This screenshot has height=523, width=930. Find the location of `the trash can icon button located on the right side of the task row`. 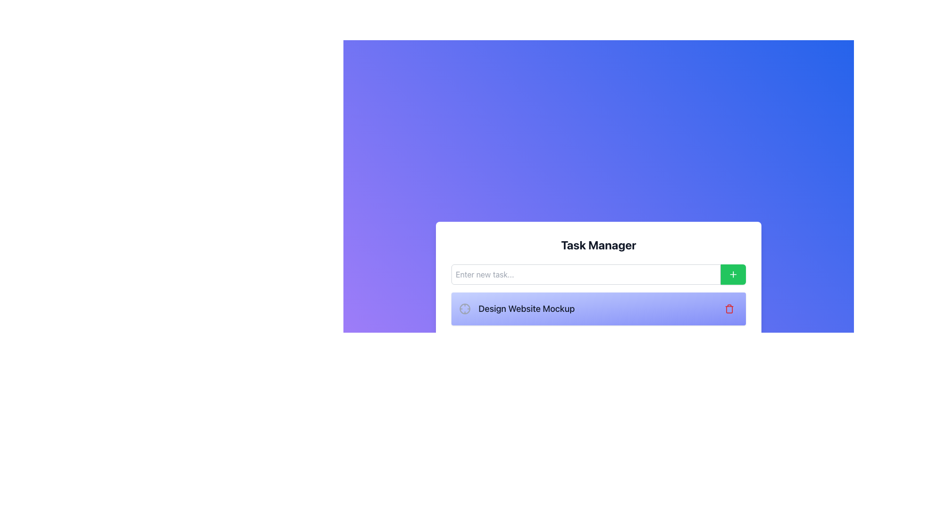

the trash can icon button located on the right side of the task row is located at coordinates (729, 308).